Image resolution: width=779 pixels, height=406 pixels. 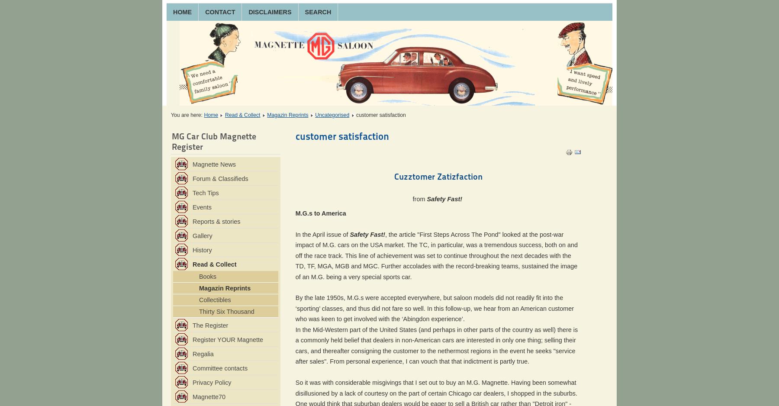 I want to click on 'History', so click(x=201, y=249).